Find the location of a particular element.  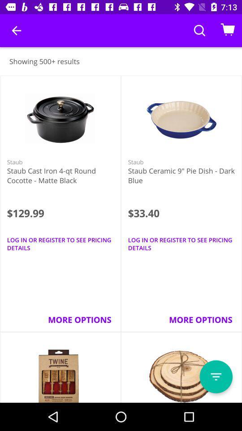

tap filter option is located at coordinates (216, 377).